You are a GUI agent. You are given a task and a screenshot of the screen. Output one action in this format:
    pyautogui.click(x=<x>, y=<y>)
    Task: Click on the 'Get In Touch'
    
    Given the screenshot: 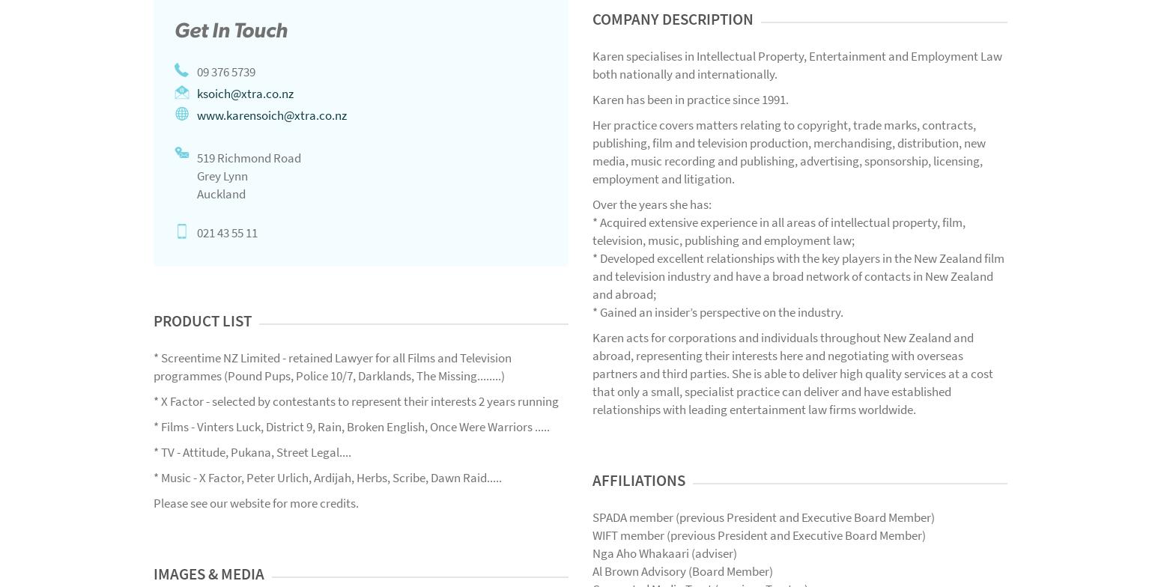 What is the action you would take?
    pyautogui.click(x=231, y=29)
    